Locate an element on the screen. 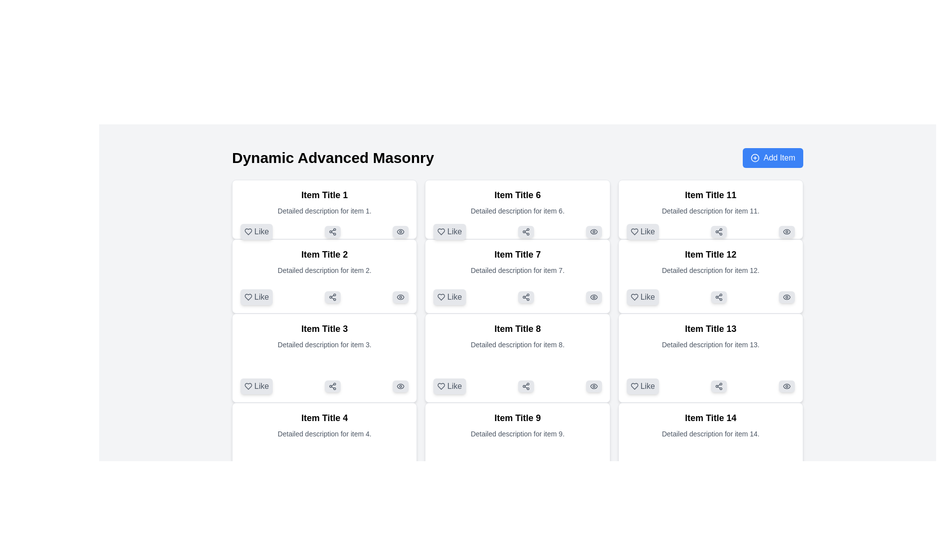 This screenshot has width=952, height=535. the eye icon located in the bottom-right corner of the 'Item Title 3' card, which is styled in shades of gray and is positioned next to the 'Like' and 'Share' buttons is located at coordinates (401, 385).